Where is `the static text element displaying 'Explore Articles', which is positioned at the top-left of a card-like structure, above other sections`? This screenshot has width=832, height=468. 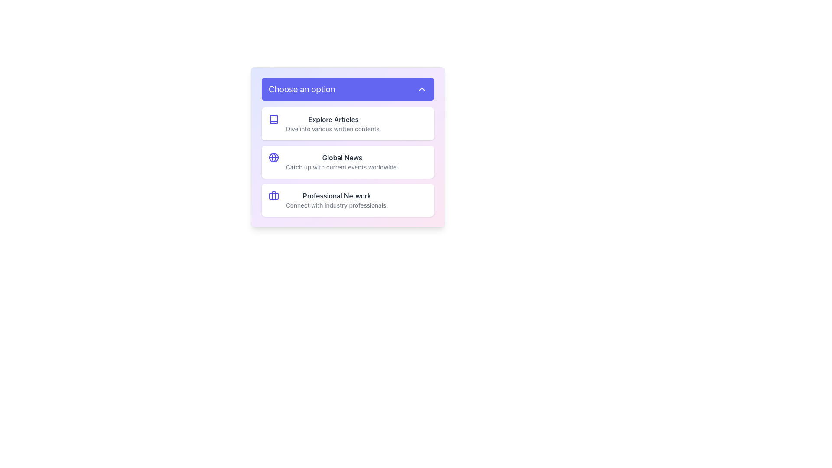
the static text element displaying 'Explore Articles', which is positioned at the top-left of a card-like structure, above other sections is located at coordinates (333, 120).